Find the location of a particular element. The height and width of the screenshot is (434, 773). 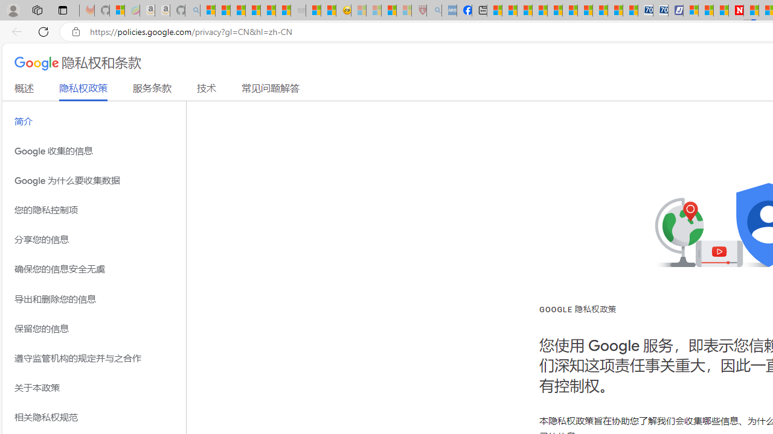

'Newsweek - News, Analysis, Politics, Business, Technology' is located at coordinates (736, 10).